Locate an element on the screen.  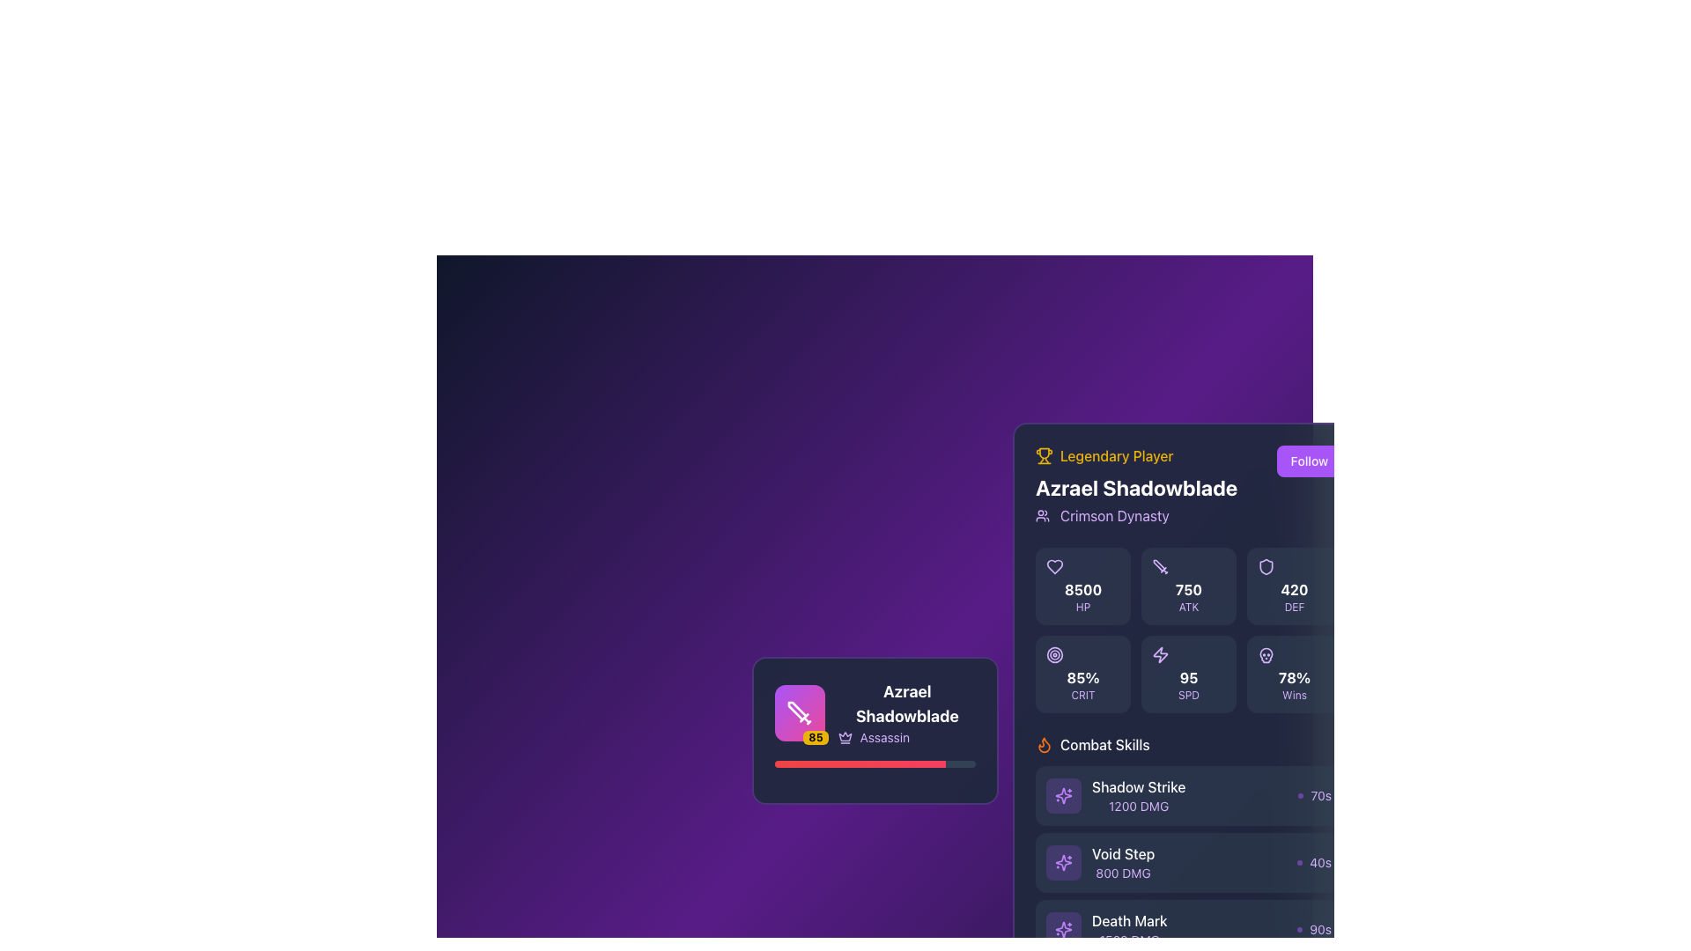
the 'Void Step' skill icon located next to the text 'Void Step' under the 'Combat Skills' section is located at coordinates (1062, 861).